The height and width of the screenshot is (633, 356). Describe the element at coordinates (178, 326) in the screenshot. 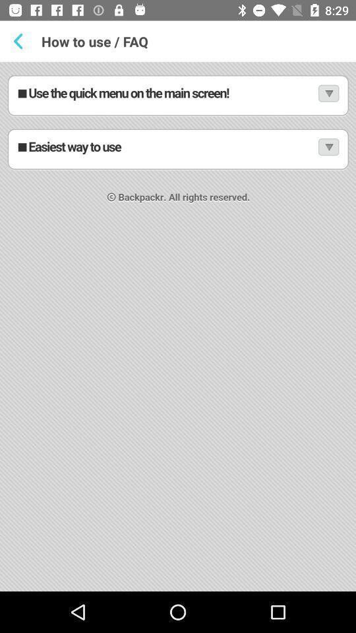

I see `screen page` at that location.